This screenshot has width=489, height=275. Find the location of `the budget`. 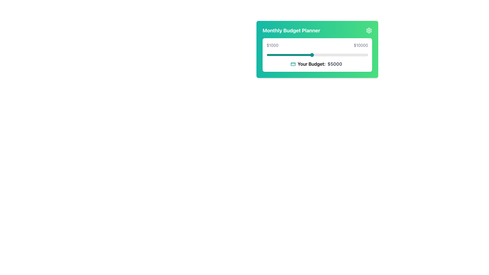

the budget is located at coordinates (343, 55).